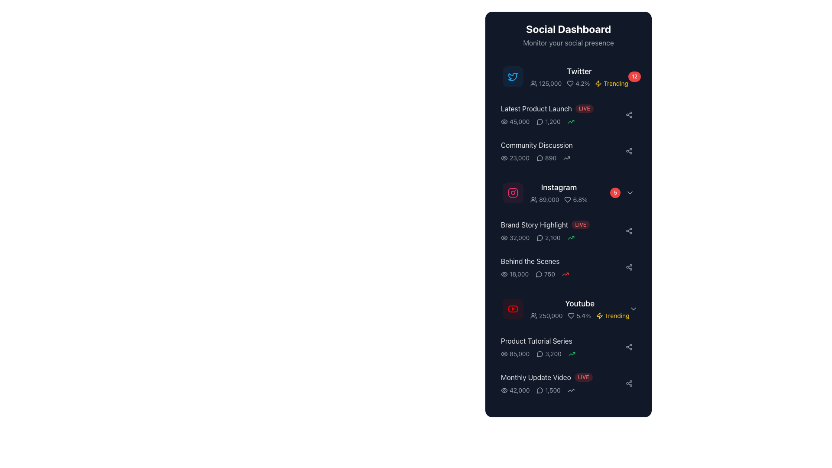  What do you see at coordinates (629, 383) in the screenshot?
I see `the share icon located on the far right side of the row for 'Monthly Update Video' to initiate a share action` at bounding box center [629, 383].